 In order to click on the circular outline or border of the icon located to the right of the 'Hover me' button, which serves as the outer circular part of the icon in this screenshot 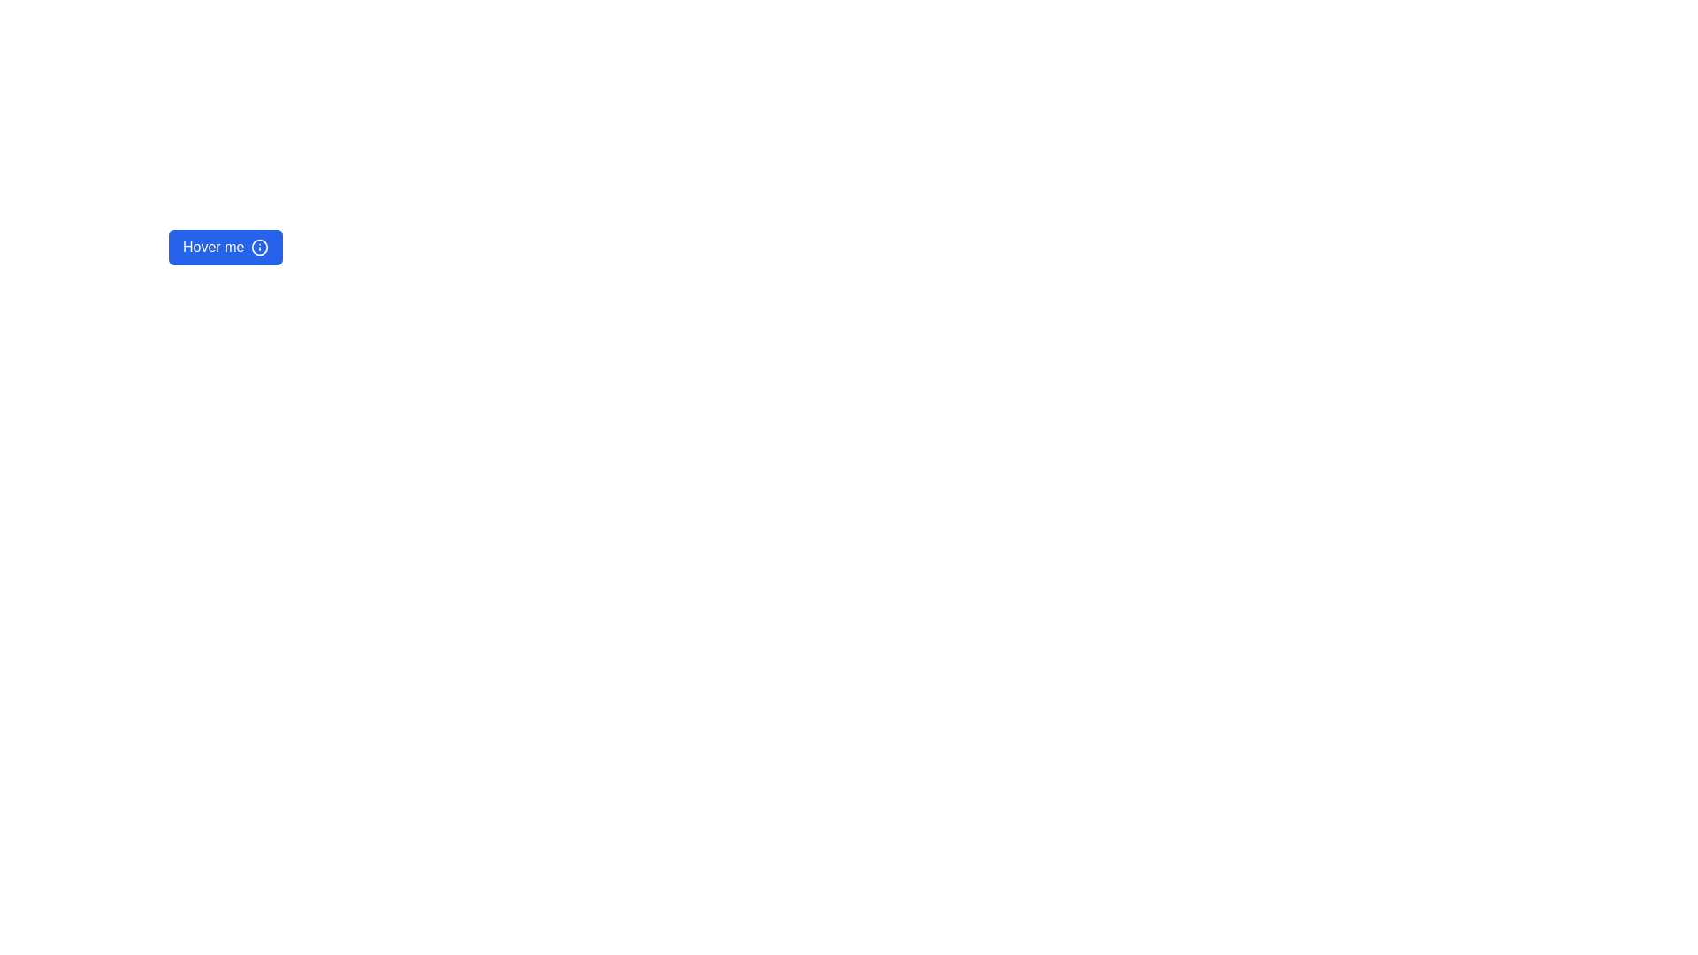, I will do `click(259, 248)`.